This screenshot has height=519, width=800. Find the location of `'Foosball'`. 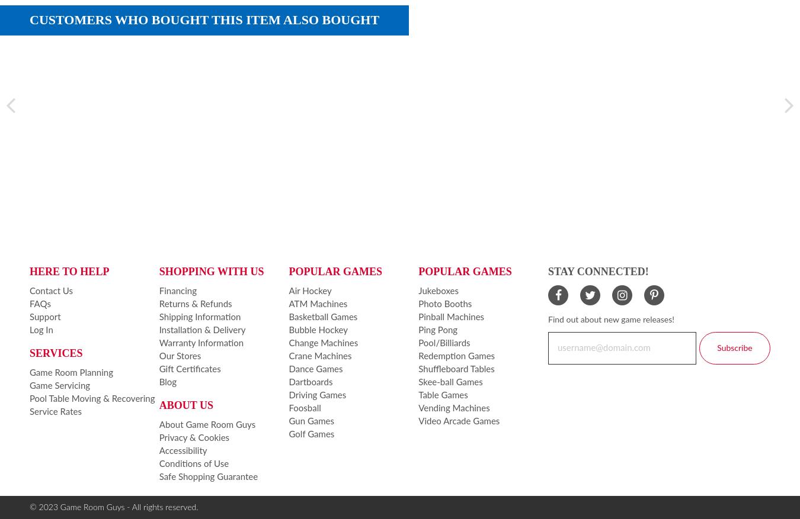

'Foosball' is located at coordinates (303, 407).